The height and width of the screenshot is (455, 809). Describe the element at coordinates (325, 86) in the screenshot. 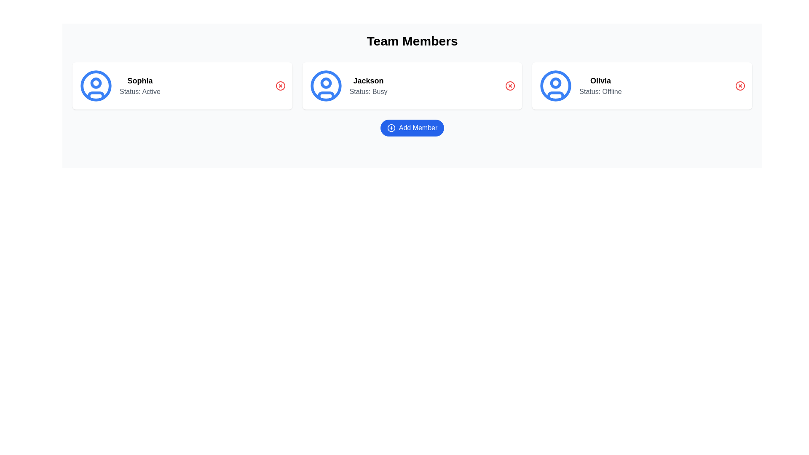

I see `the largest circular component of the user avatar icon, which visually represents the user's primary identity within the interface` at that location.